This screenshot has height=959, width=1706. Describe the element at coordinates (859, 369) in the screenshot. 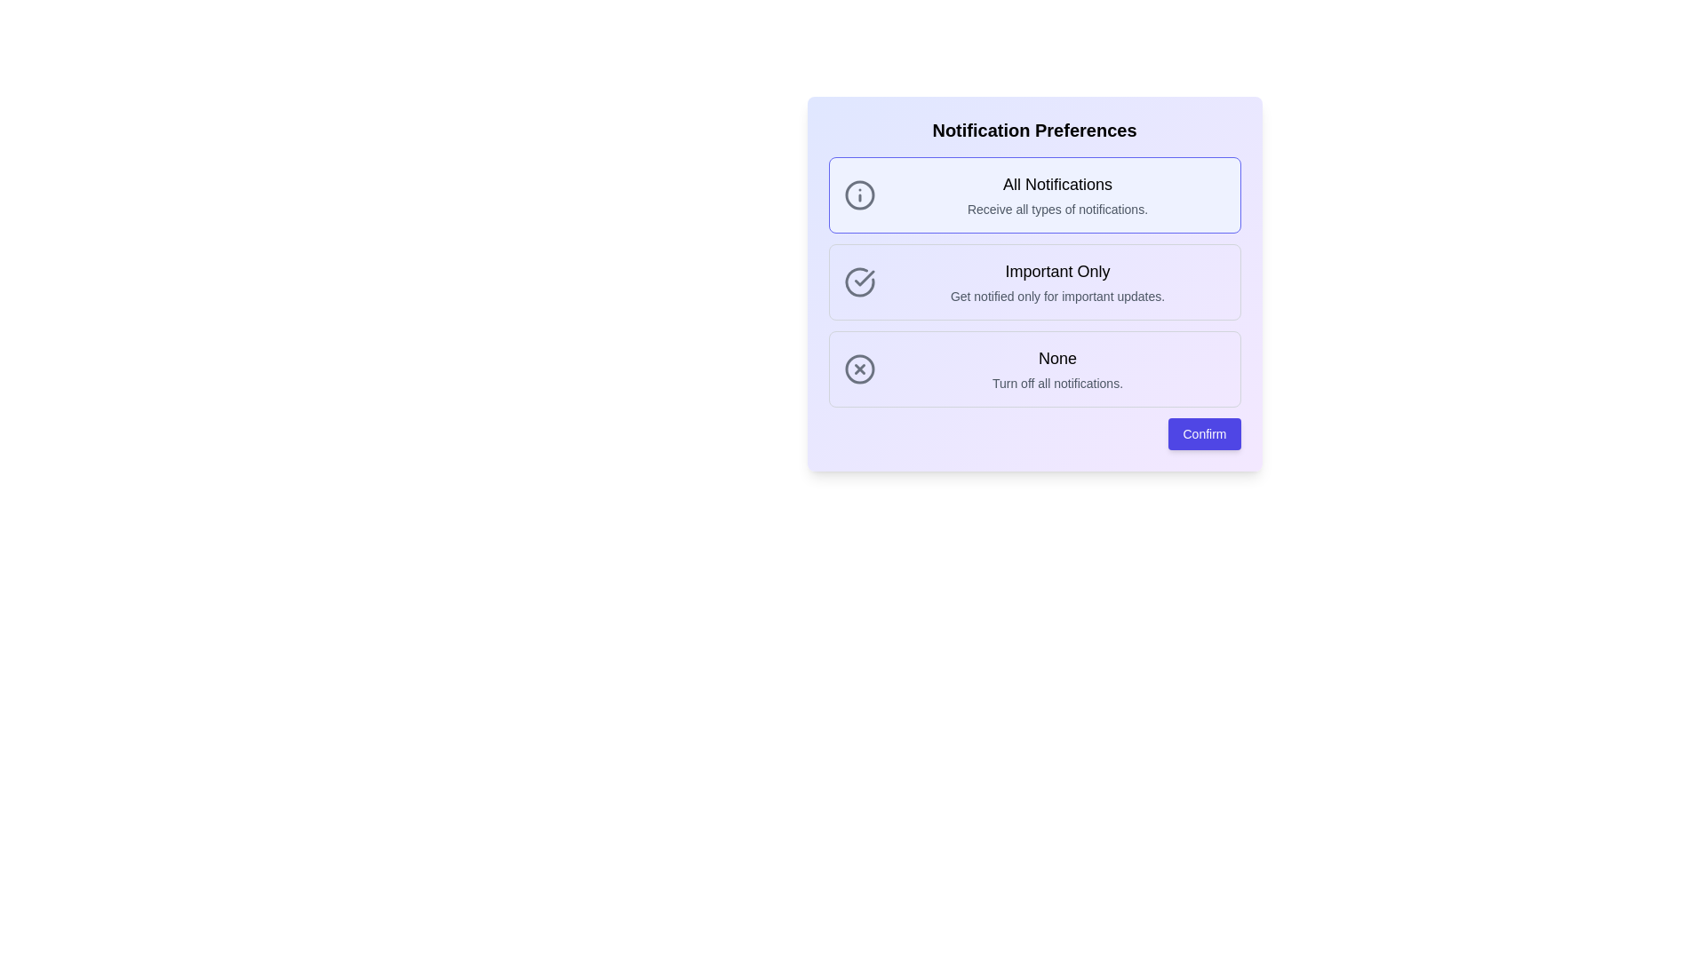

I see `the circular icon with a gray stroke and a centered 'X' mark, which represents the 'None' option in the notification preferences modal, located to the left of the text 'Turn off all notifications.'` at that location.